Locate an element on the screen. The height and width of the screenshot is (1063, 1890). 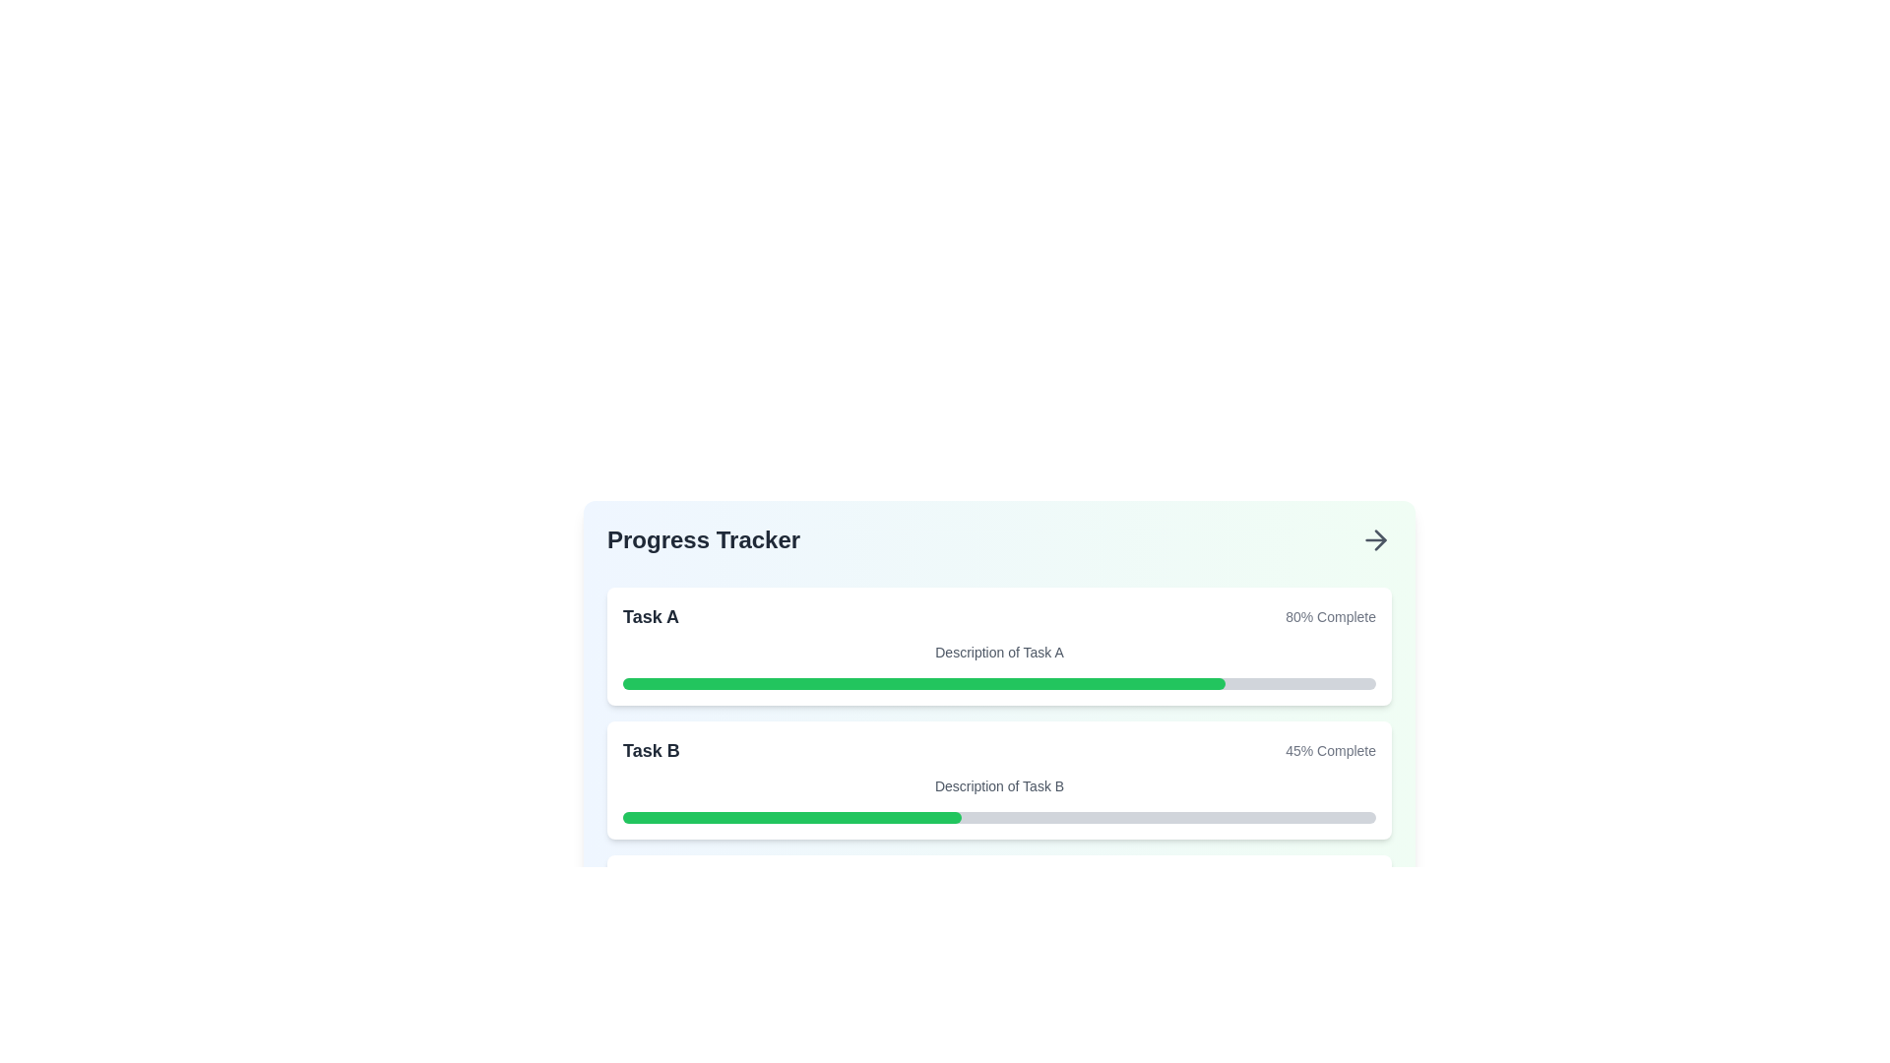
an individual progress card in the Progress Tracker List, which is located centrally within its card layout, below the 'Progress Tracker' header is located at coordinates (999, 780).